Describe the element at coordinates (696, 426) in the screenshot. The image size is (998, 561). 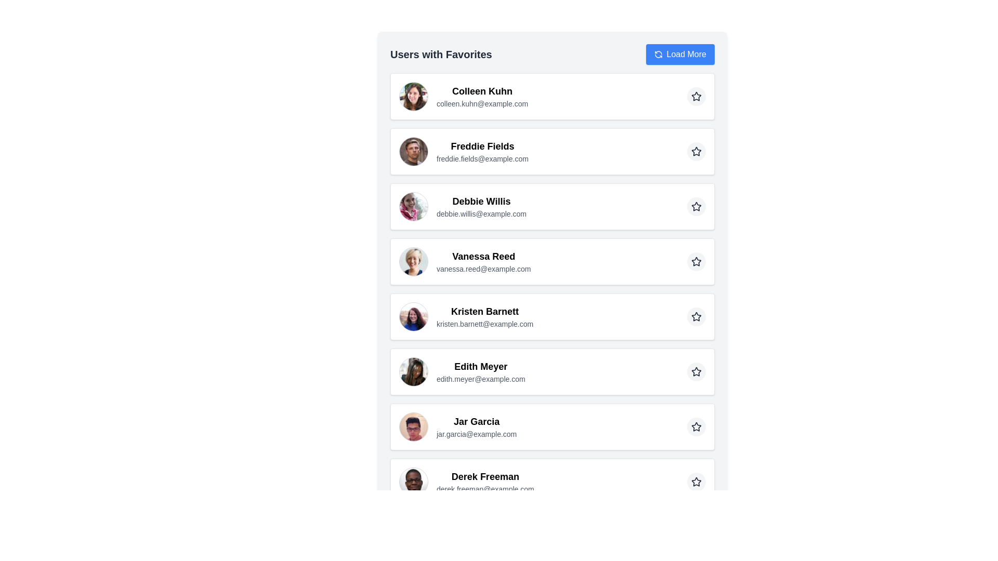
I see `the star icon outlined in black, located in the 'Jar Garcia' entry of the vertical user list` at that location.